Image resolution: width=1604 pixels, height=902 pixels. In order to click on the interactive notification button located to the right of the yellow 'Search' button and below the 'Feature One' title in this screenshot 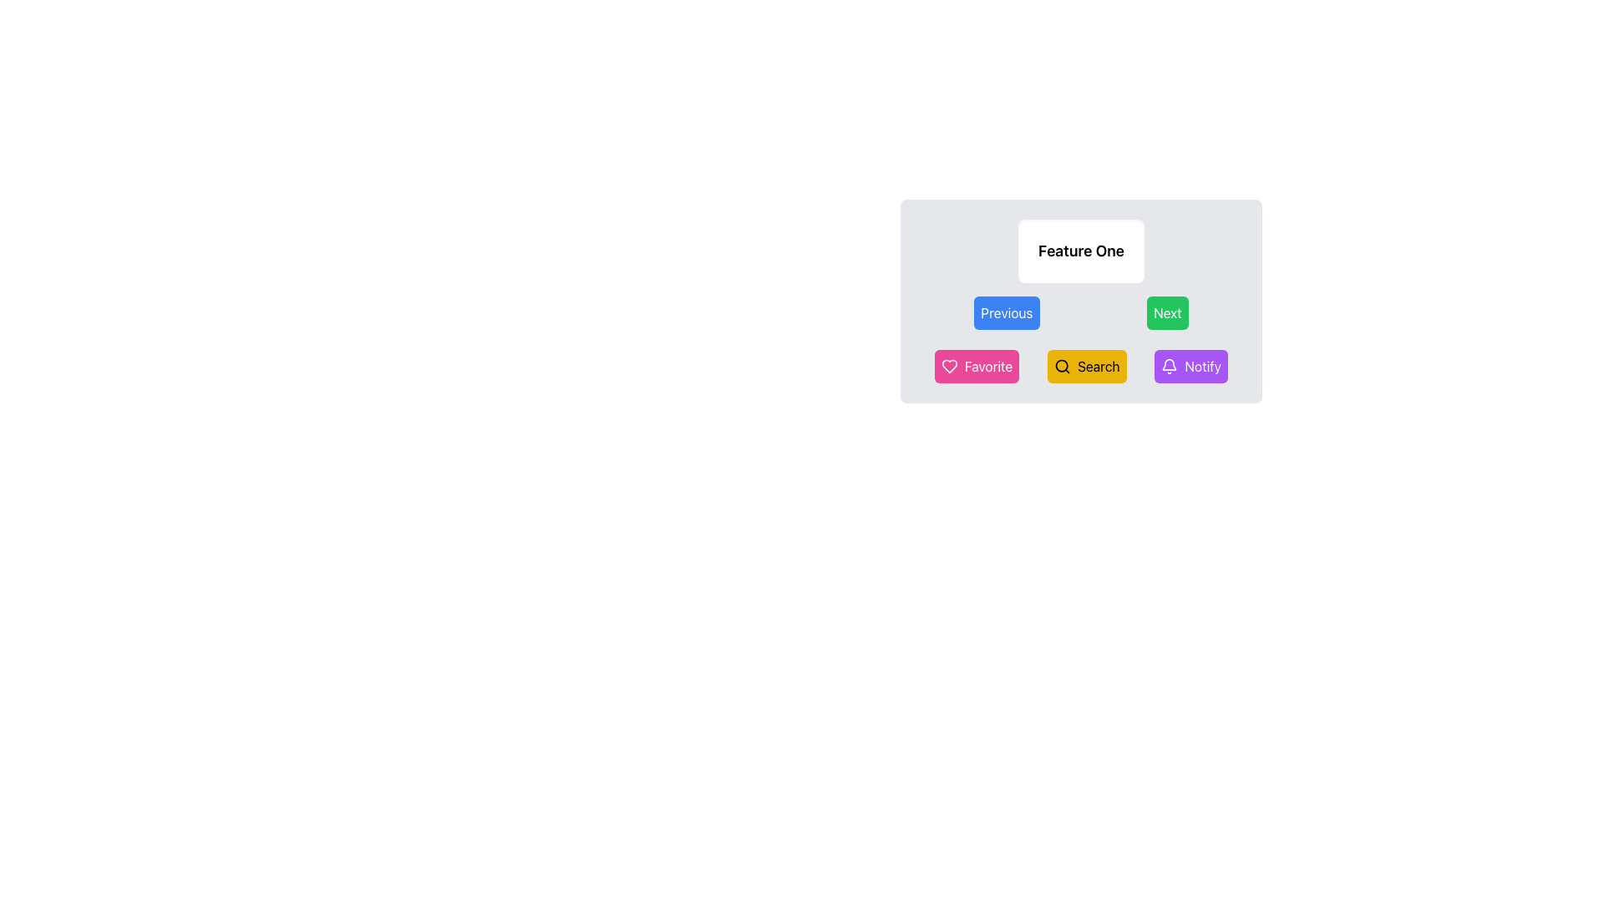, I will do `click(1190, 366)`.